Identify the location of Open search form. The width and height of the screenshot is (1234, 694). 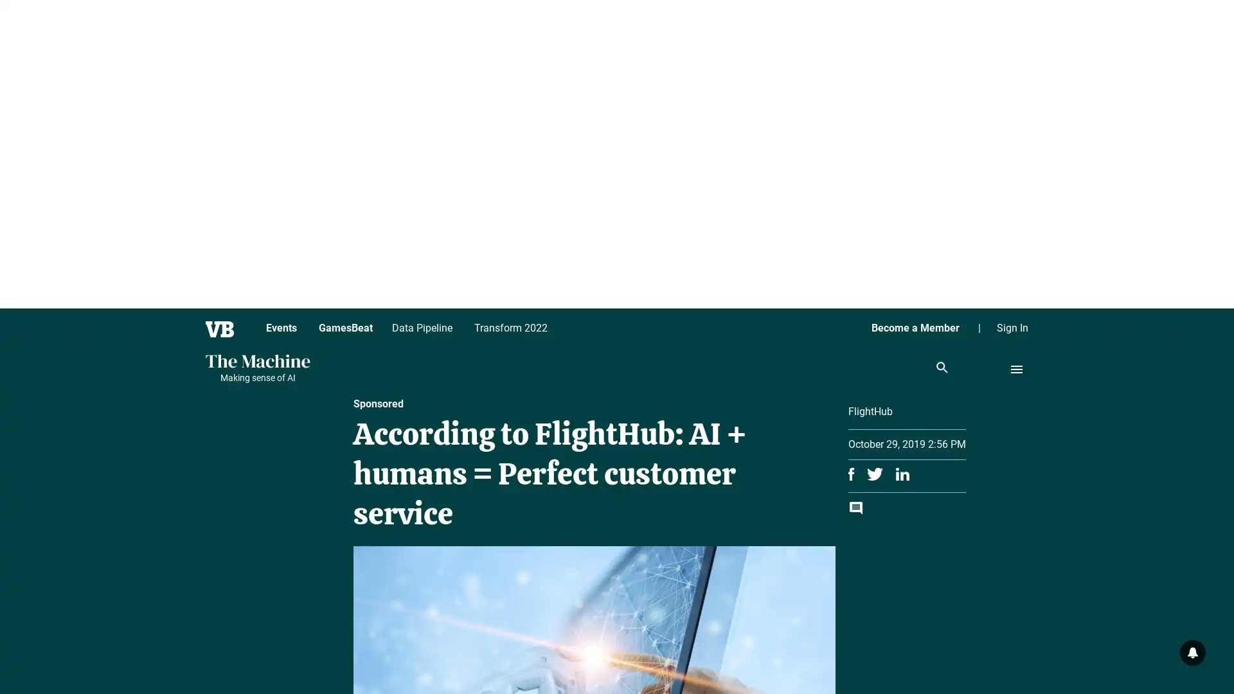
(942, 368).